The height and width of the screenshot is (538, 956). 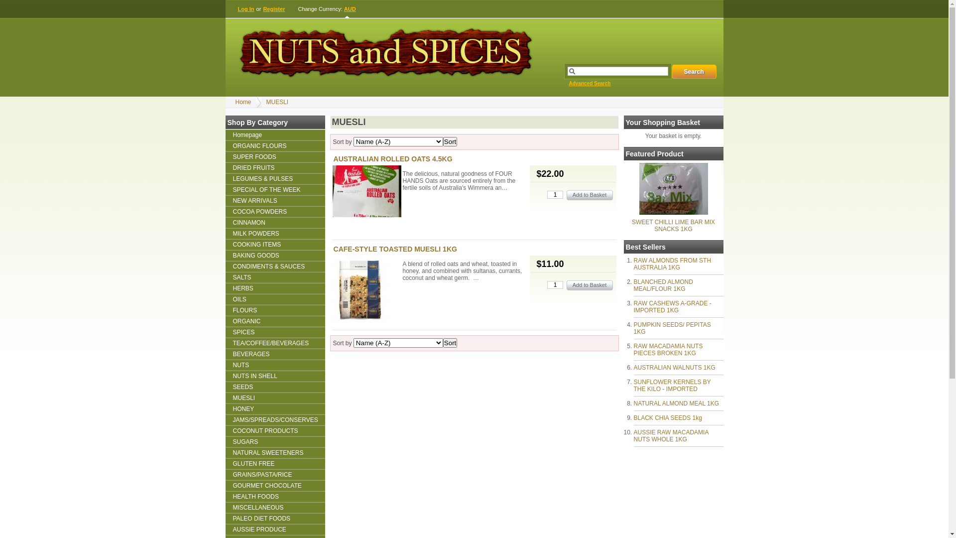 What do you see at coordinates (275, 266) in the screenshot?
I see `'CONDIMENTS & SAUCES'` at bounding box center [275, 266].